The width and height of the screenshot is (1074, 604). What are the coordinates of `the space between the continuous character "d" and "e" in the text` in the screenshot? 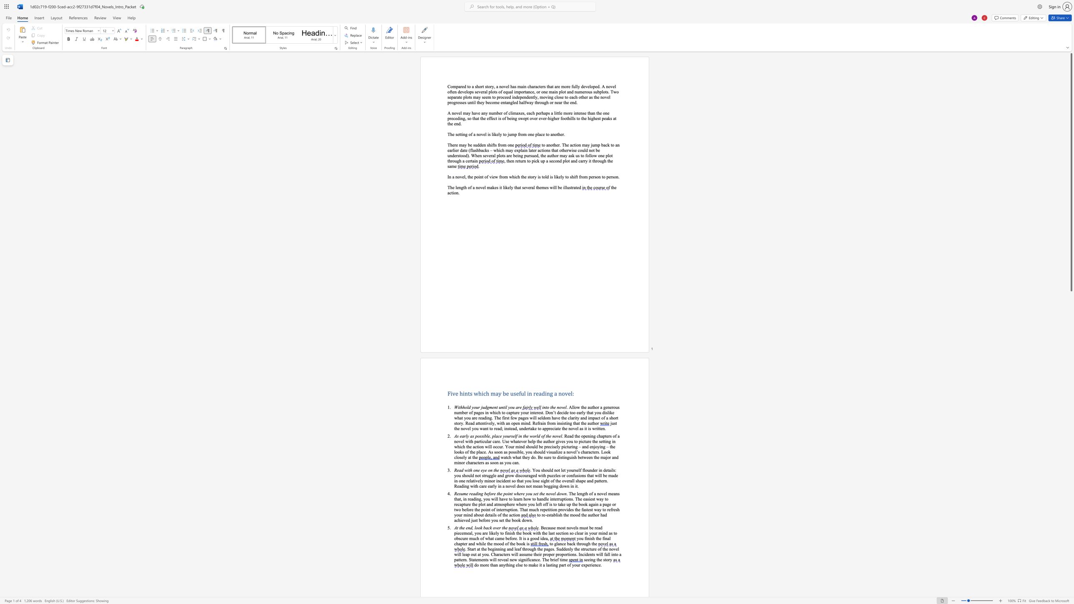 It's located at (481, 145).